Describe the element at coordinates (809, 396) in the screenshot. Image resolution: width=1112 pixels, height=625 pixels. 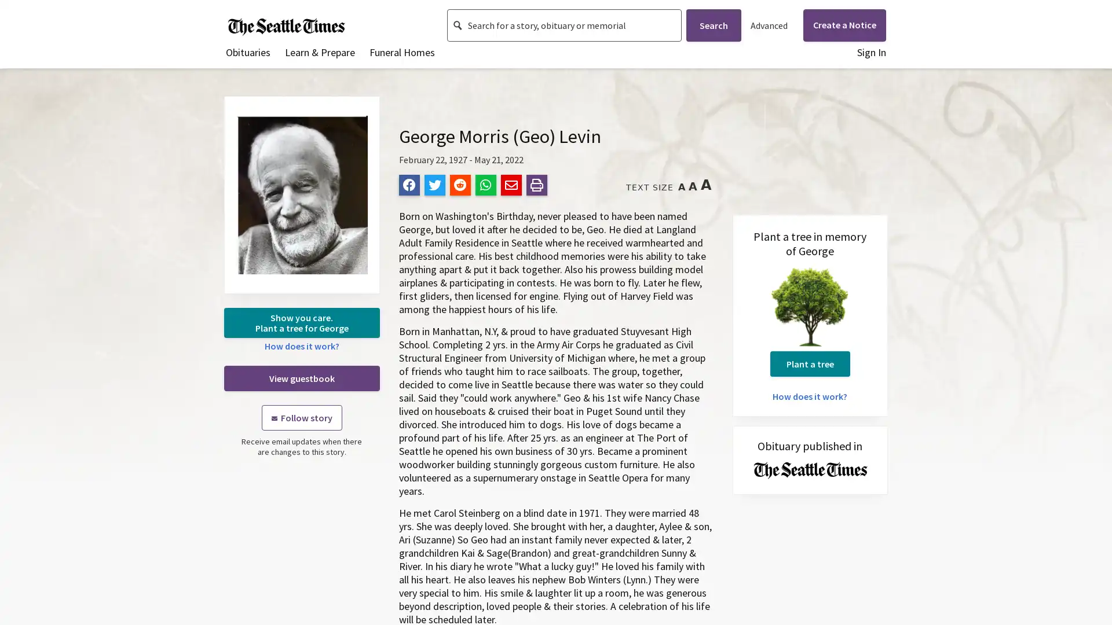
I see `How does it work?` at that location.